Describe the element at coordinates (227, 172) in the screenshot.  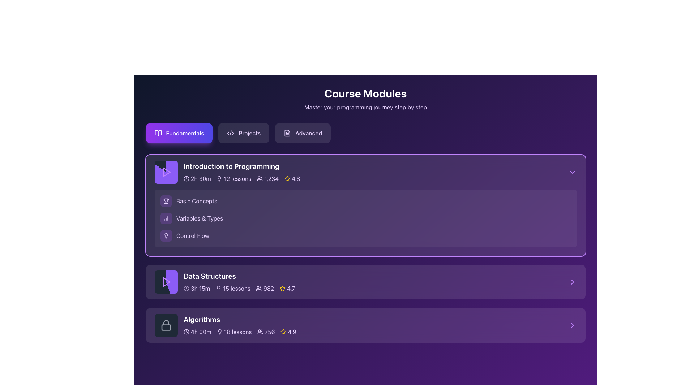
I see `the 'Introduction to Programming' static information panel` at that location.